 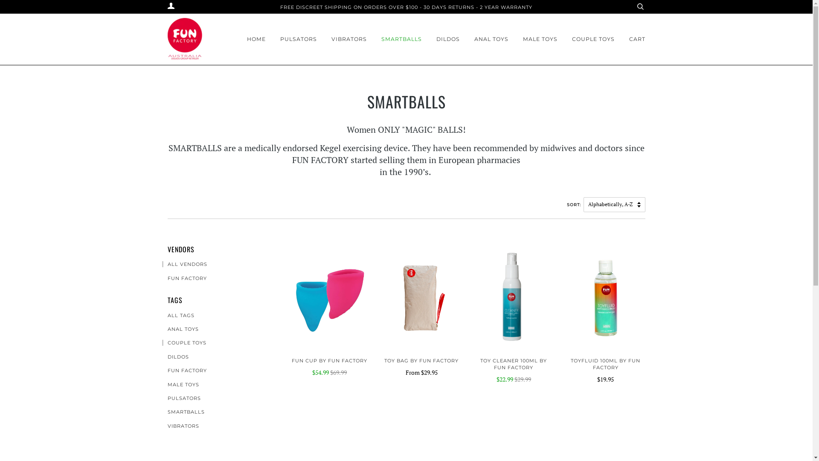 What do you see at coordinates (180, 426) in the screenshot?
I see `'VIBRATORS'` at bounding box center [180, 426].